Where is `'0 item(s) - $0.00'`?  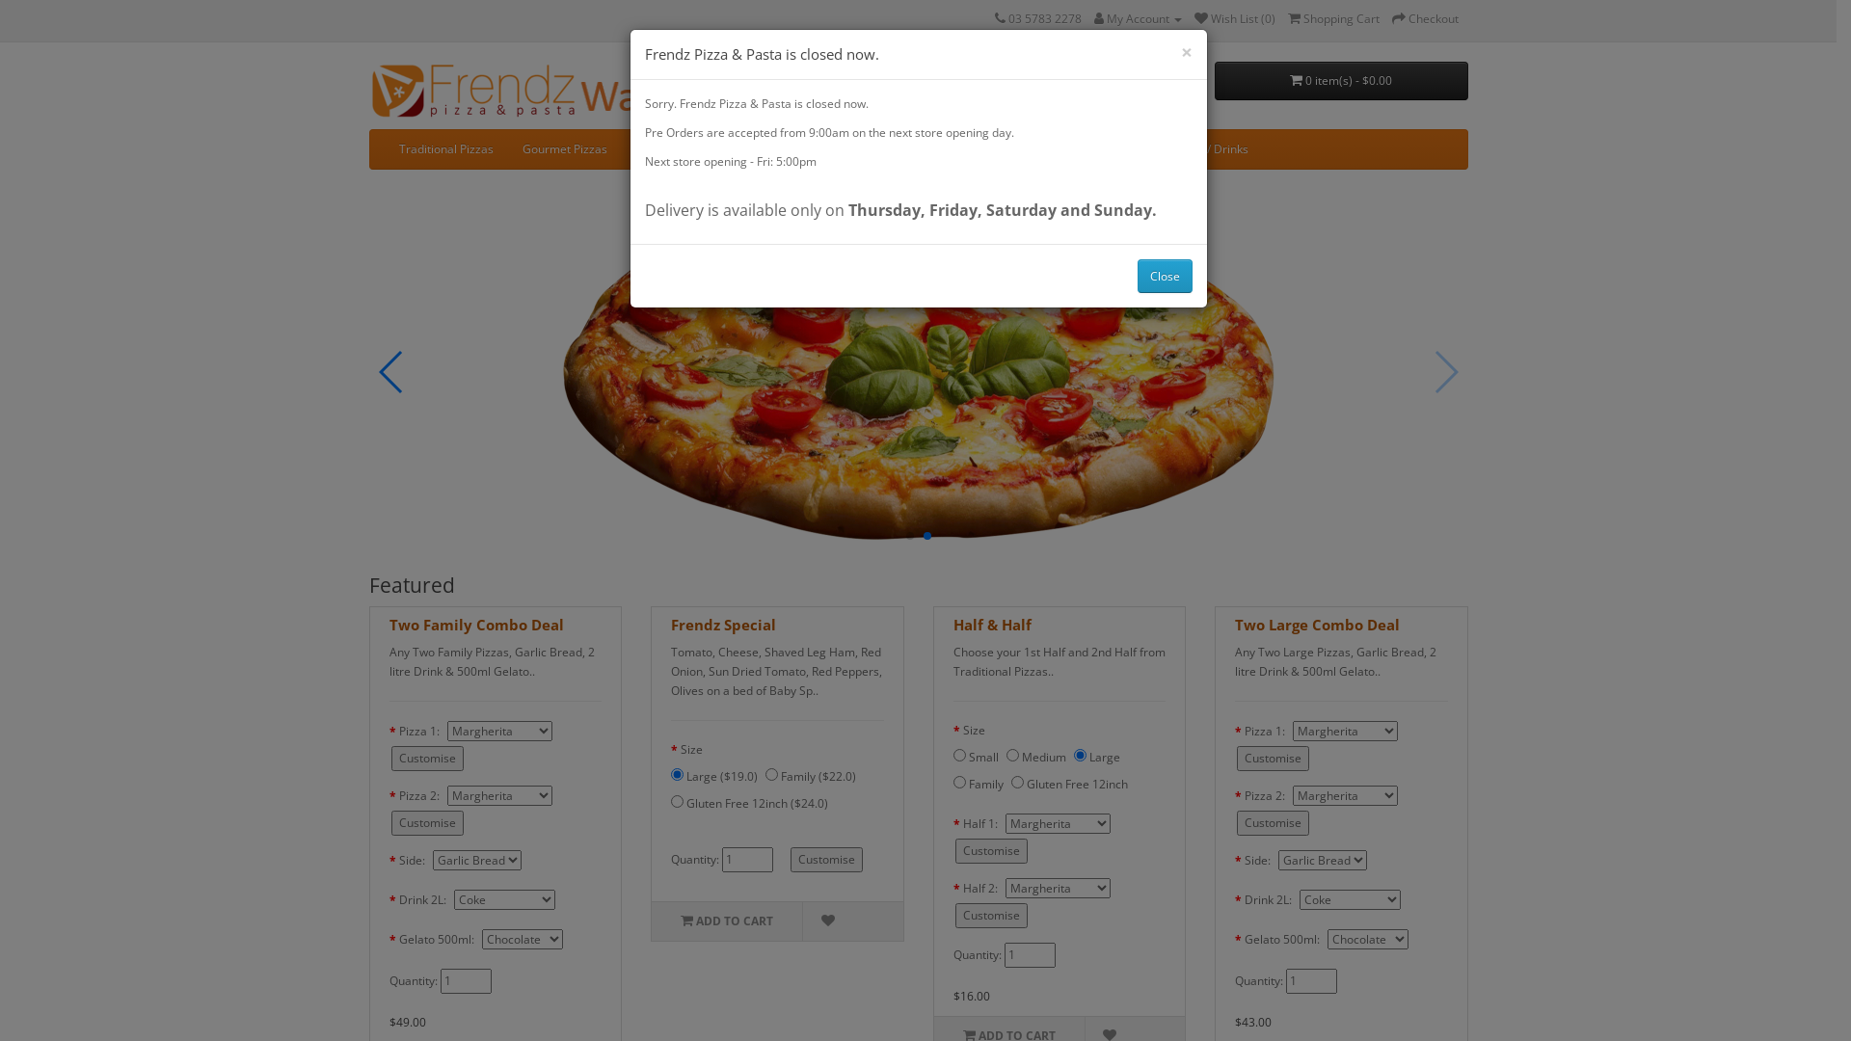
'0 item(s) - $0.00' is located at coordinates (1213, 80).